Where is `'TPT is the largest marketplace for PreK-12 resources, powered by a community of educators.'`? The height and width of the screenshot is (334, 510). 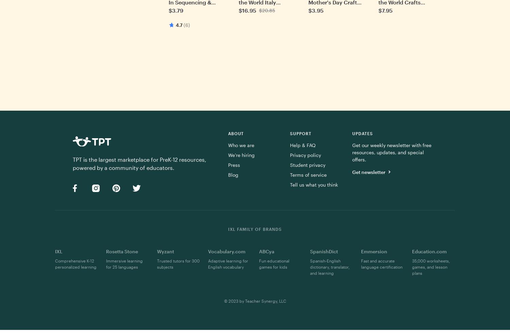 'TPT is the largest marketplace for PreK-12 resources, powered by a community of educators.' is located at coordinates (139, 163).